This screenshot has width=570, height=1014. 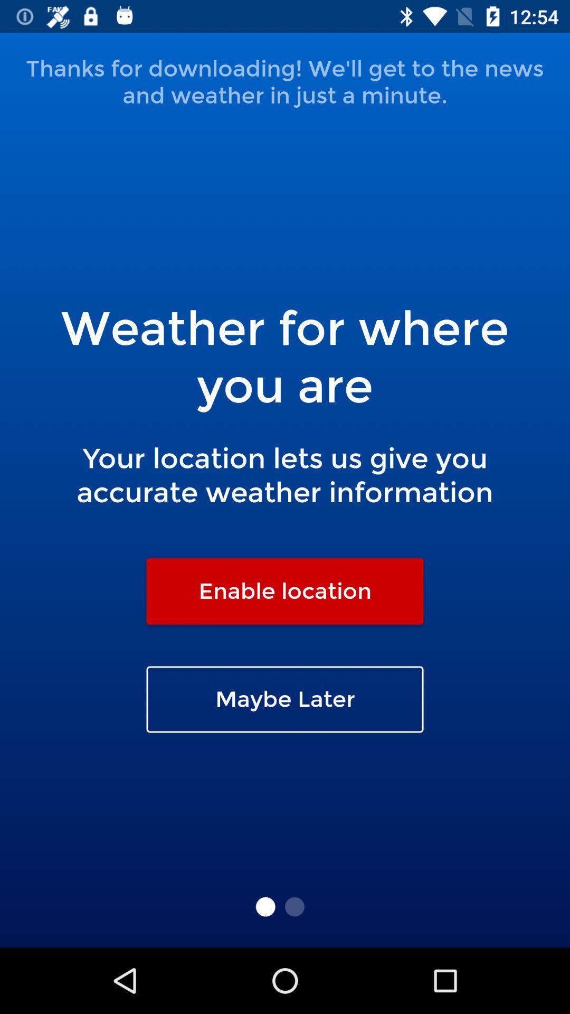 I want to click on the maybe later item, so click(x=285, y=699).